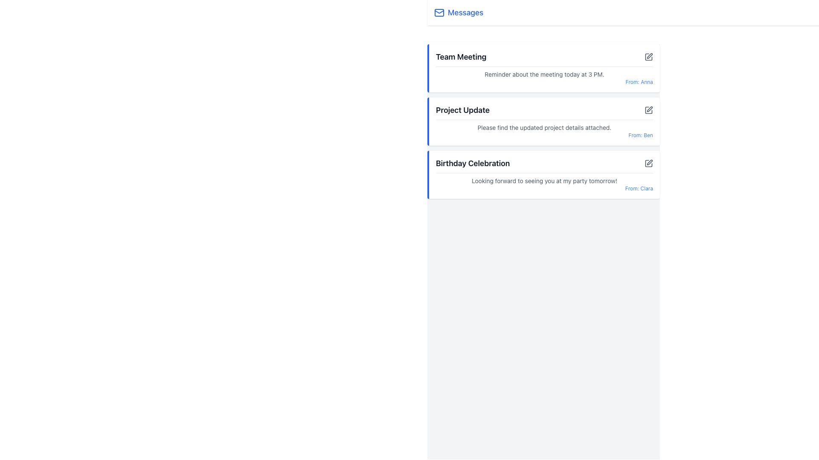  What do you see at coordinates (648, 109) in the screenshot?
I see `the edit icon button located at the upper-right corner of the 'Project Update' message card` at bounding box center [648, 109].